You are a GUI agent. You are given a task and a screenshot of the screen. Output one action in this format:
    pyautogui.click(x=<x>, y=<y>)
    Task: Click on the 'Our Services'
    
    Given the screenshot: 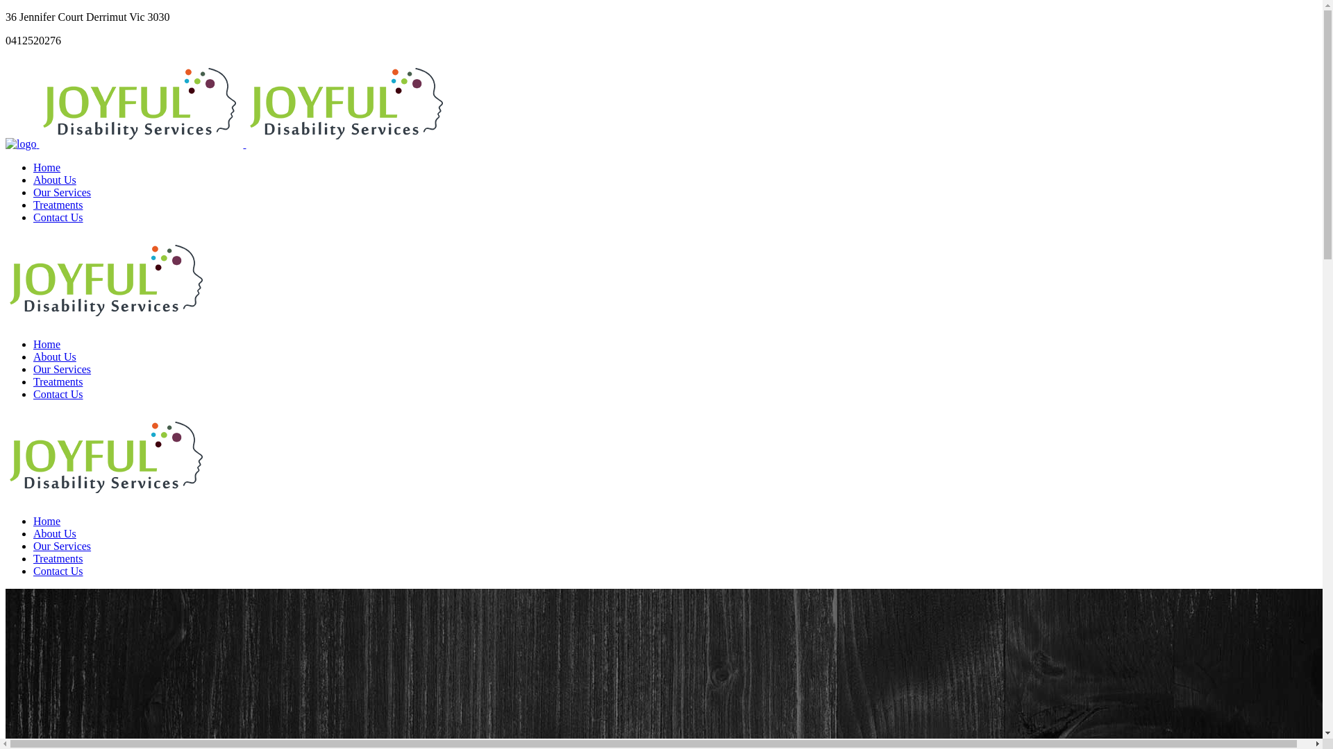 What is the action you would take?
    pyautogui.click(x=61, y=545)
    